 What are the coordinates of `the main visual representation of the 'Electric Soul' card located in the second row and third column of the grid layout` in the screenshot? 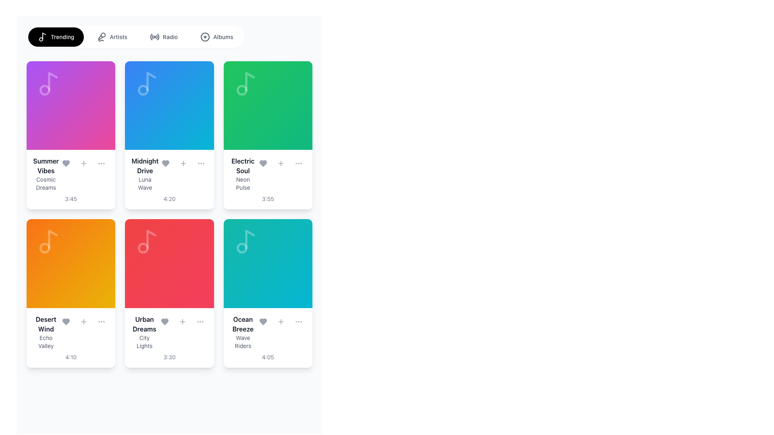 It's located at (268, 105).